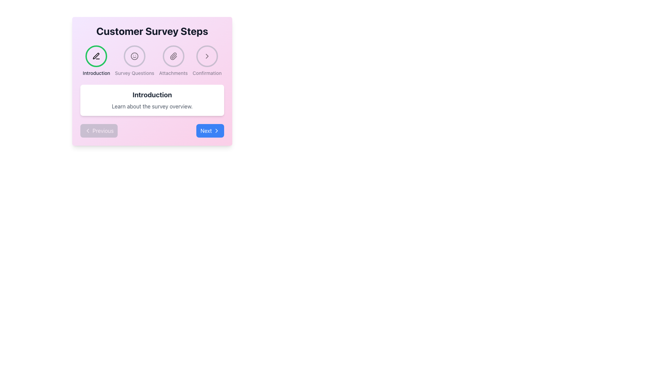 The width and height of the screenshot is (651, 366). I want to click on the Step Indicator Icon with Label that has a paperclip illustration and is labeled 'Attachments', so click(173, 56).